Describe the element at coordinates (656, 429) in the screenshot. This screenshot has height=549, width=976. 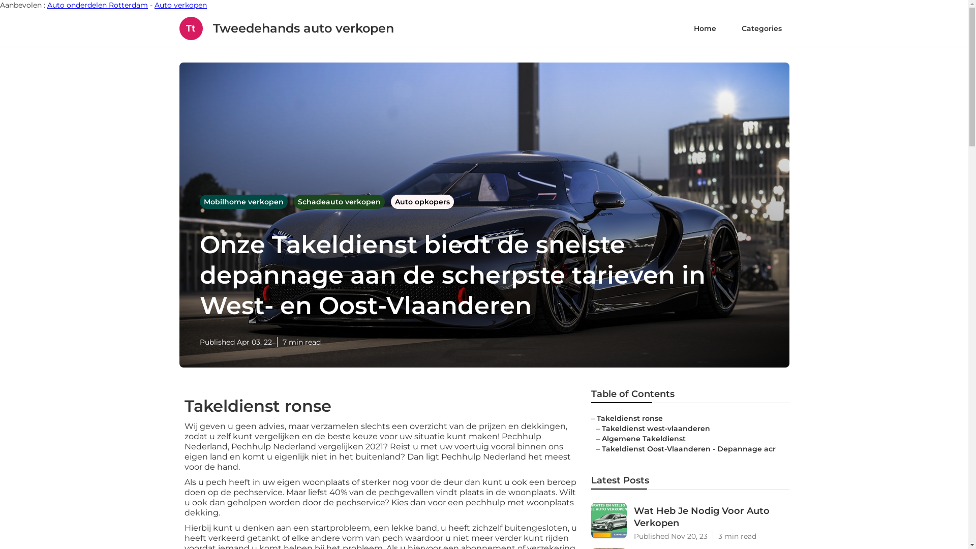
I see `'Takeldienst west-vlaanderen'` at that location.